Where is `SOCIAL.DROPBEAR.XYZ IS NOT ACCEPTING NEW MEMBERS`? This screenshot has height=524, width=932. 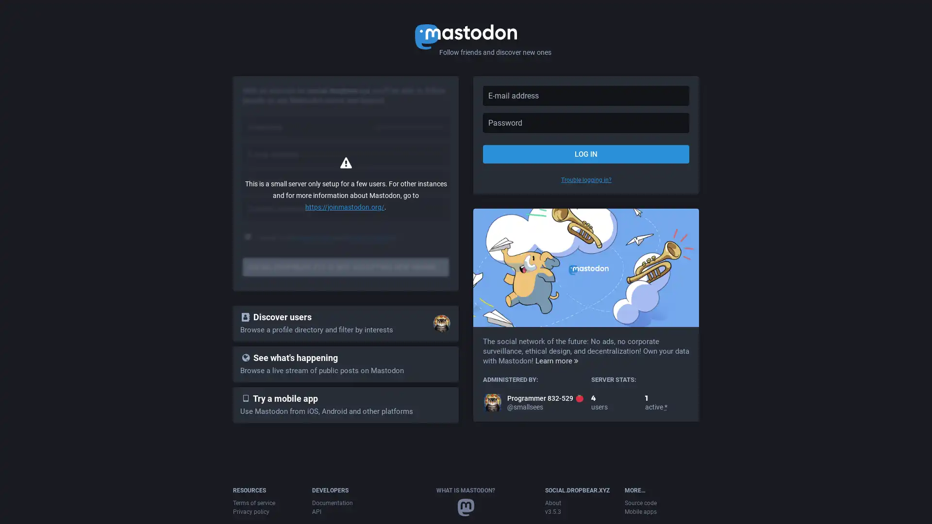
SOCIAL.DROPBEAR.XYZ IS NOT ACCEPTING NEW MEMBERS is located at coordinates (346, 267).